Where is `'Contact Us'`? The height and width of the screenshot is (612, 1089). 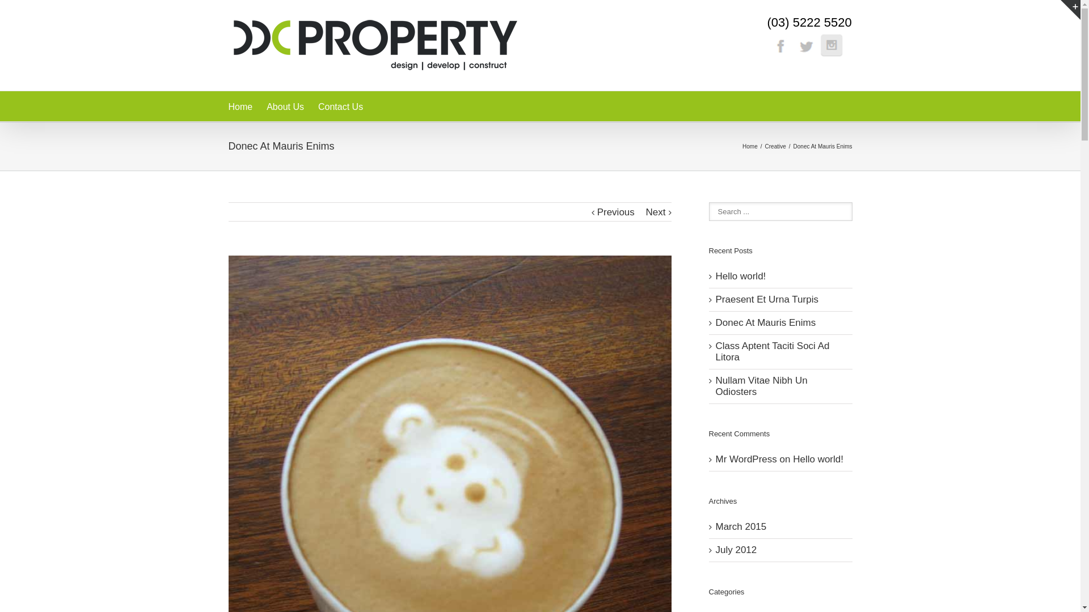 'Contact Us' is located at coordinates (340, 106).